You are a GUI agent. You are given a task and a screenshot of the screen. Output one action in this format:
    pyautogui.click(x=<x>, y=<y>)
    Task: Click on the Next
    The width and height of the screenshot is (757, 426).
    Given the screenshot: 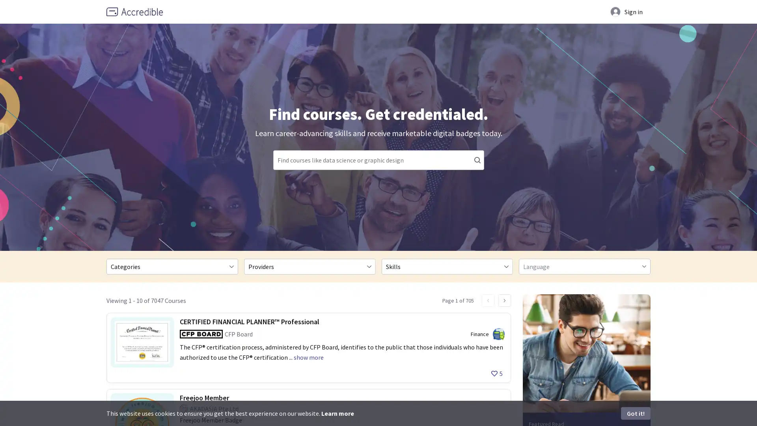 What is the action you would take?
    pyautogui.click(x=505, y=301)
    